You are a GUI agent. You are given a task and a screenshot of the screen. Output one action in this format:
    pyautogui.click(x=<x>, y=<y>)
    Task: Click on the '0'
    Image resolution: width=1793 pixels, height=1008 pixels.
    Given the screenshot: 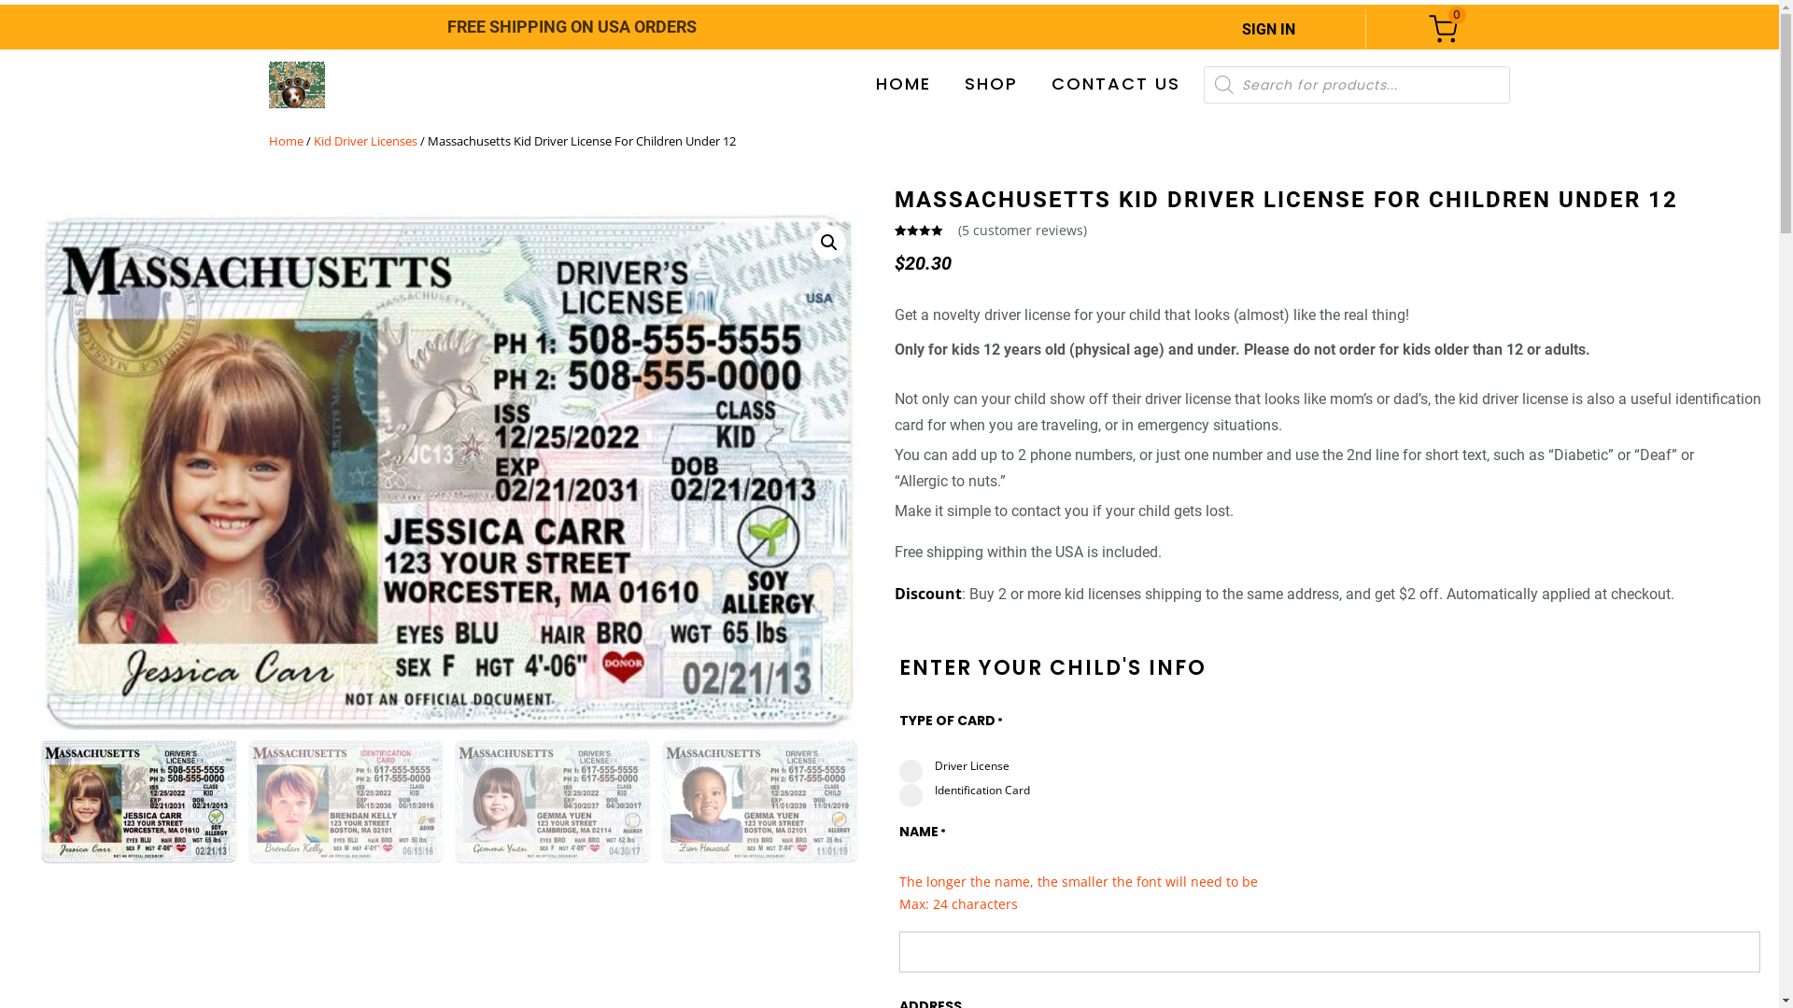 What is the action you would take?
    pyautogui.click(x=1428, y=29)
    